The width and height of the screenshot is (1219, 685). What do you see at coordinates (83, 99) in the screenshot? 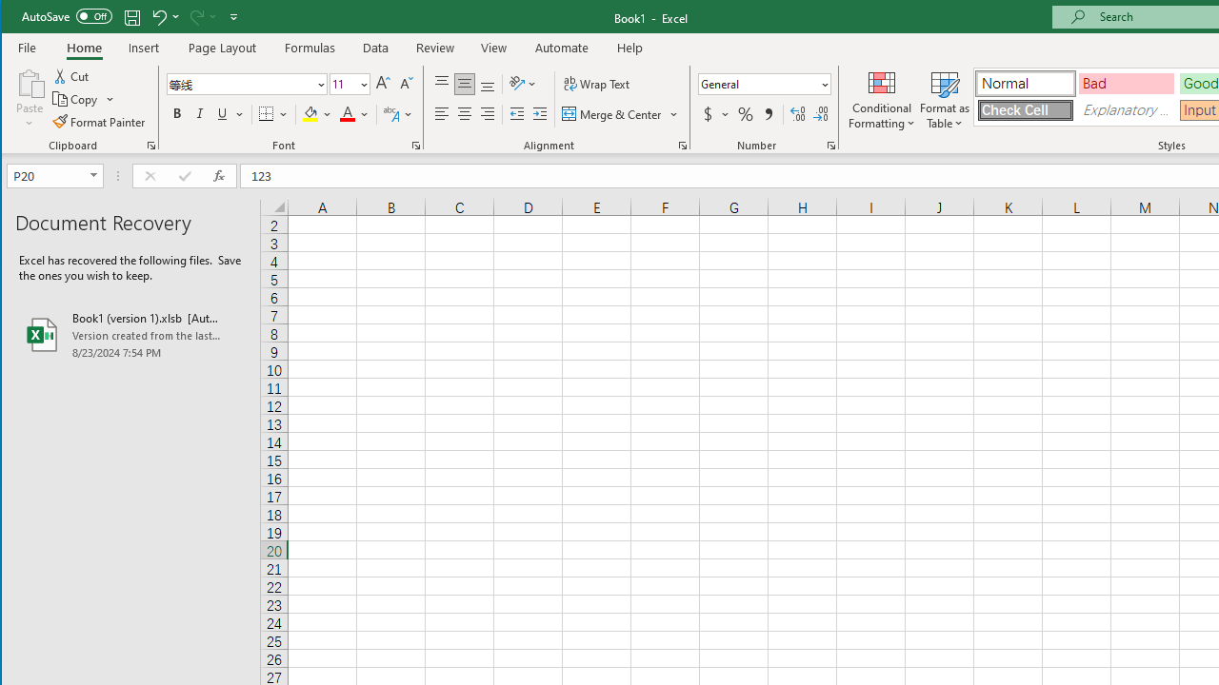
I see `'Copy'` at bounding box center [83, 99].